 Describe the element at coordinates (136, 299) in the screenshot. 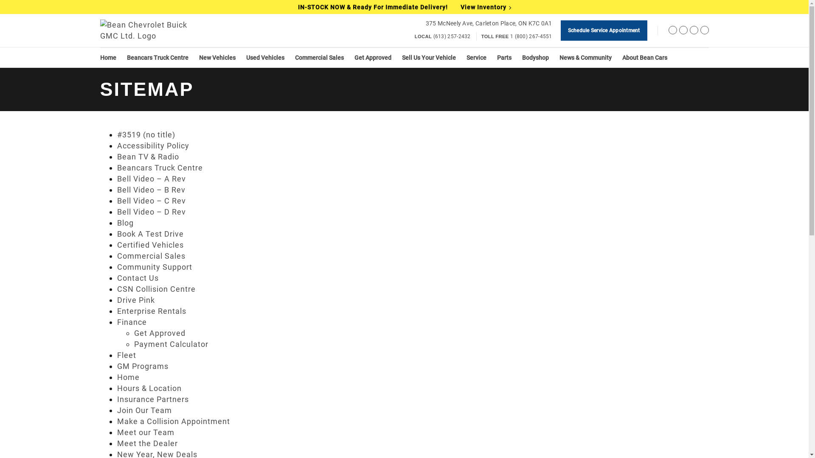

I see `'Drive Pink'` at that location.